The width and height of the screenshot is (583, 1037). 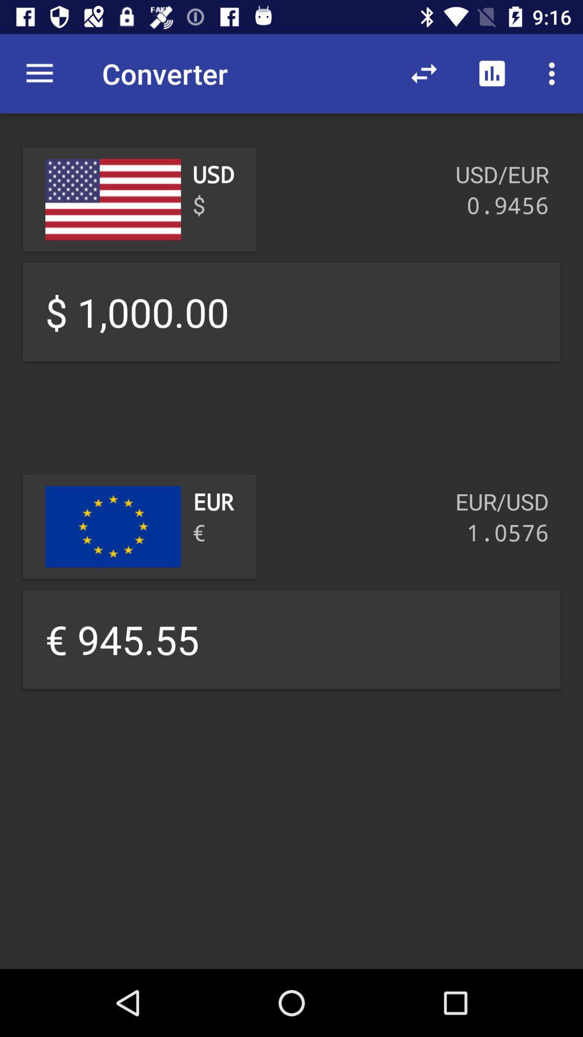 I want to click on item above usd/eur icon, so click(x=554, y=73).